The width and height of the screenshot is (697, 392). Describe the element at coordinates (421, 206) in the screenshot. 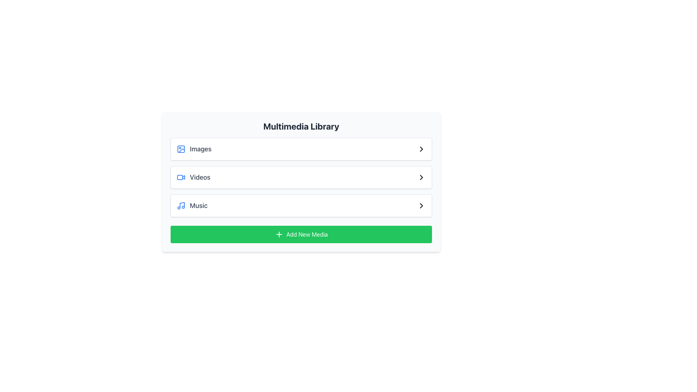

I see `the Chevron icon located on the right side of the 'Music' entry in the 'Multimedia Library' card to interact with it` at that location.